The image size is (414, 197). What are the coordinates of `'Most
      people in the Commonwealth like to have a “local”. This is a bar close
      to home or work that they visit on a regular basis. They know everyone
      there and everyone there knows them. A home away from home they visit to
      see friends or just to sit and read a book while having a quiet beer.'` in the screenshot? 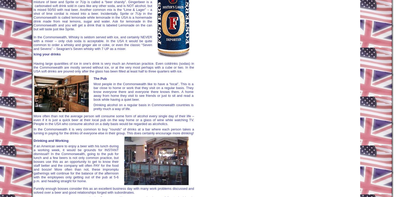 It's located at (143, 91).